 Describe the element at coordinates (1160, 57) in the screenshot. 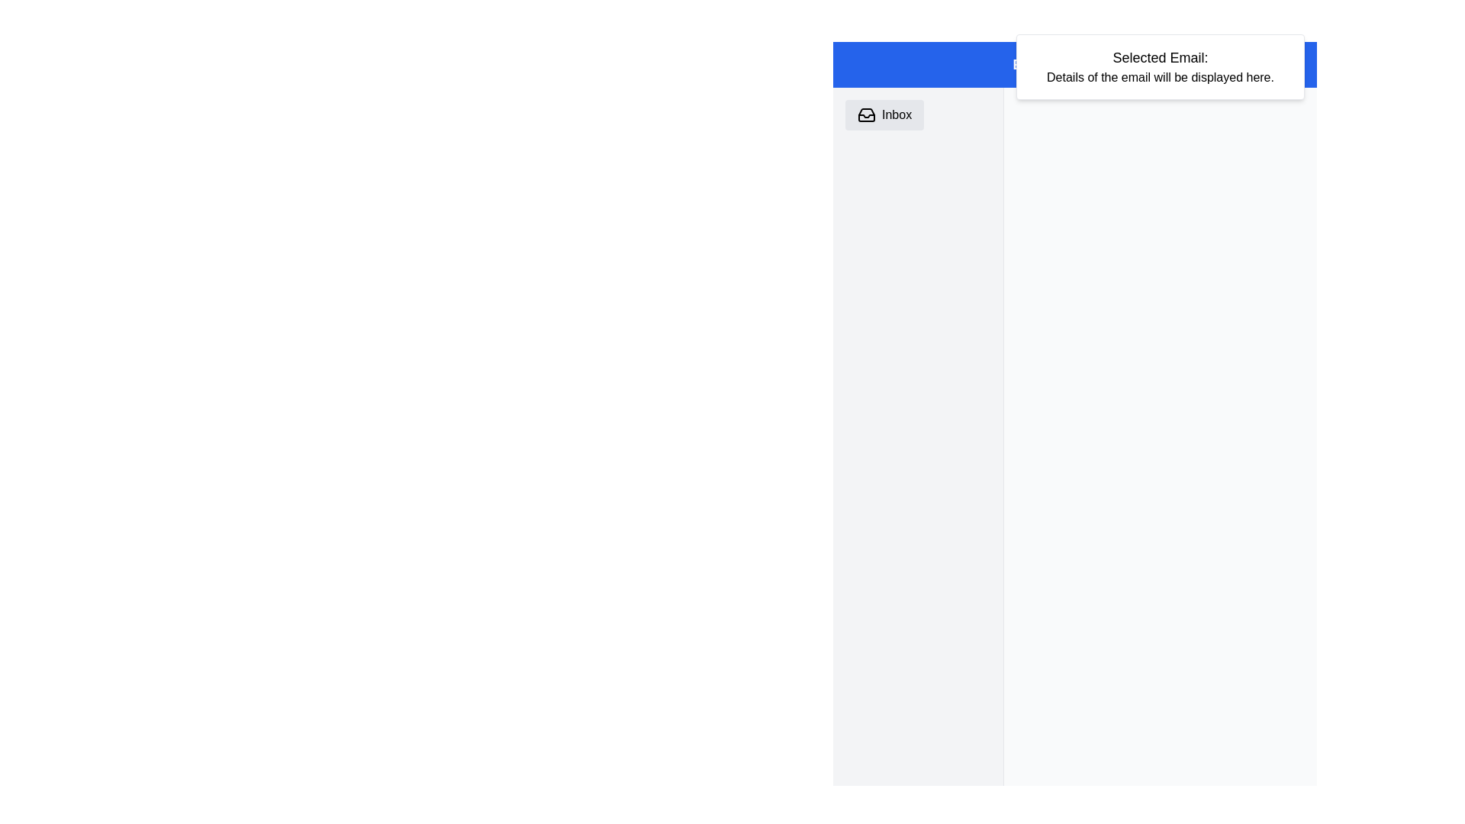

I see `the text label that says 'Selected Email:' which is styled prominently at the top of a white pop-up card` at that location.